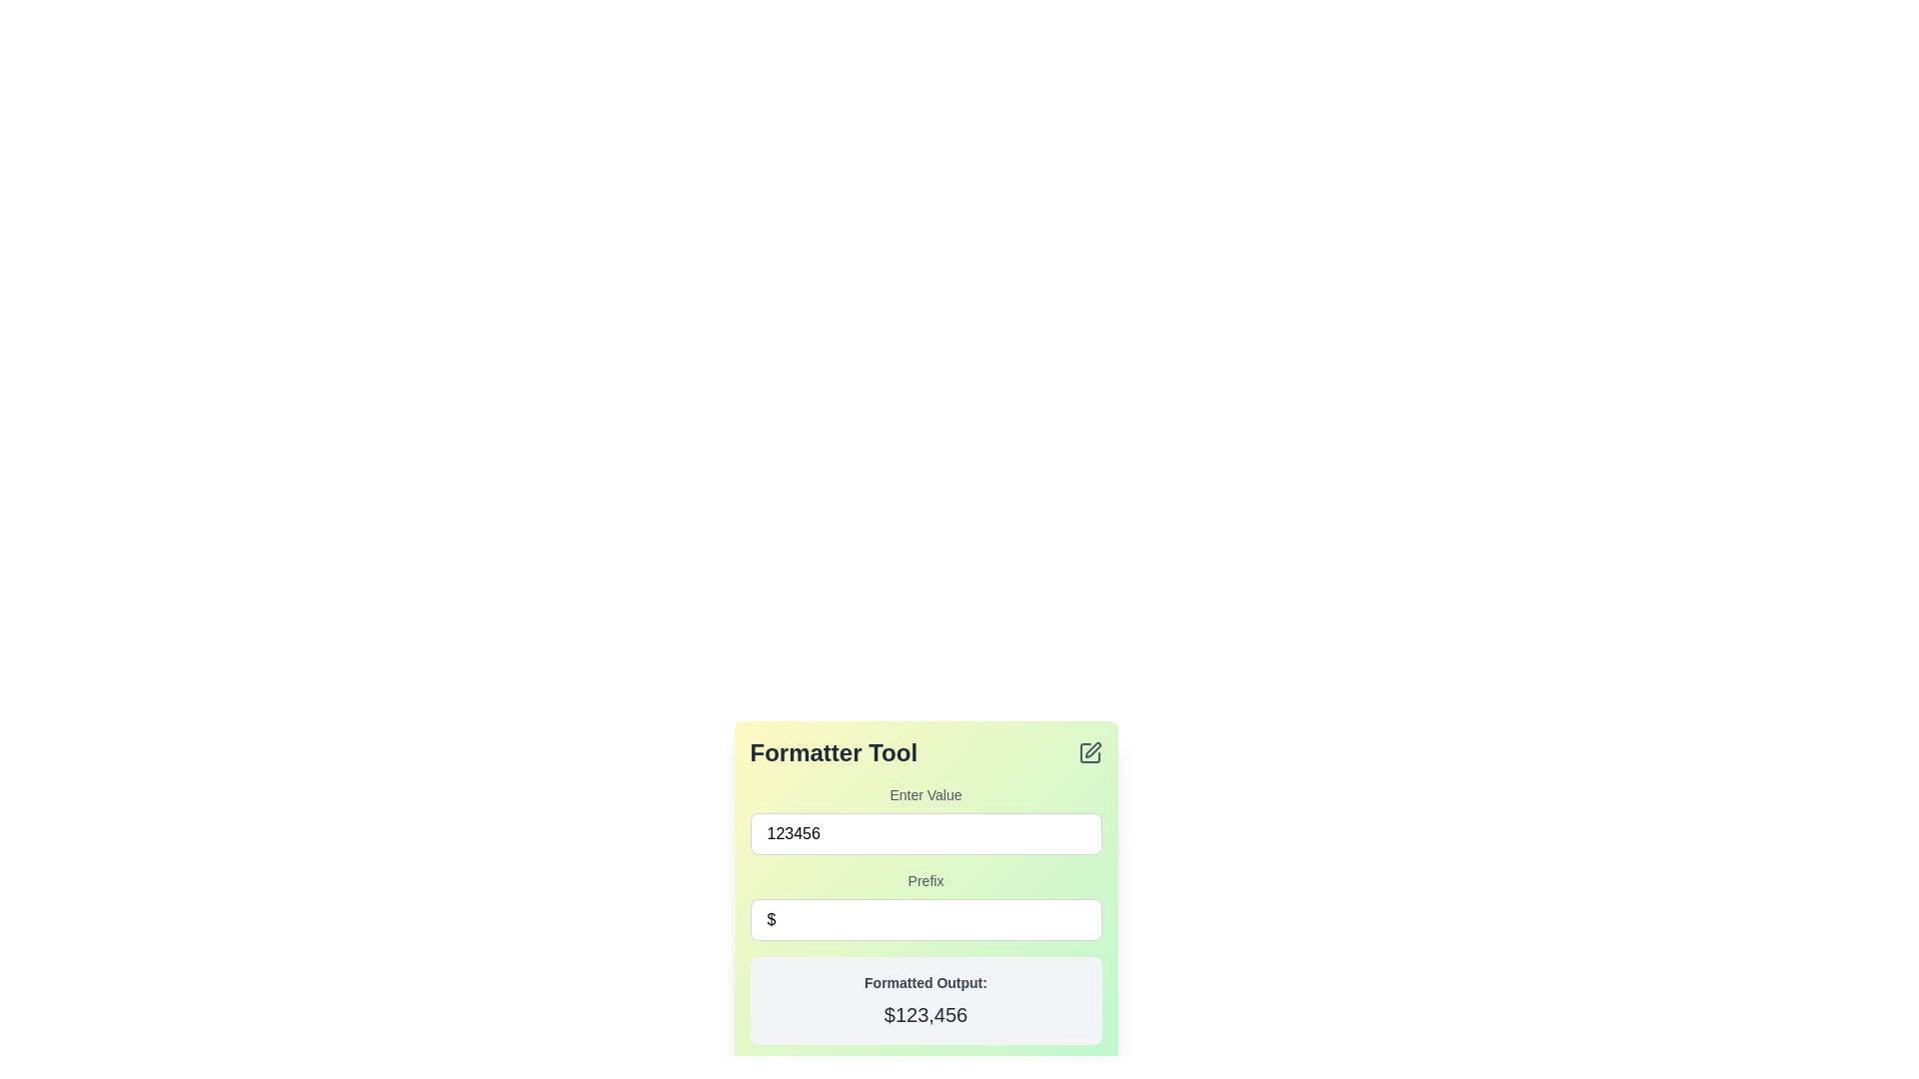  Describe the element at coordinates (925, 920) in the screenshot. I see `text within the text input field located below the 'Prefix' label, allowing users` at that location.